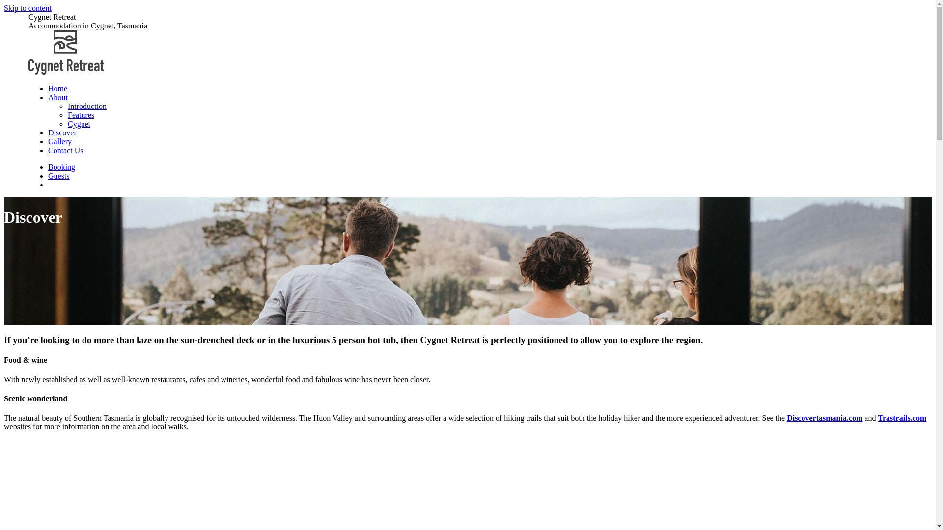  Describe the element at coordinates (81, 114) in the screenshot. I see `'Features'` at that location.